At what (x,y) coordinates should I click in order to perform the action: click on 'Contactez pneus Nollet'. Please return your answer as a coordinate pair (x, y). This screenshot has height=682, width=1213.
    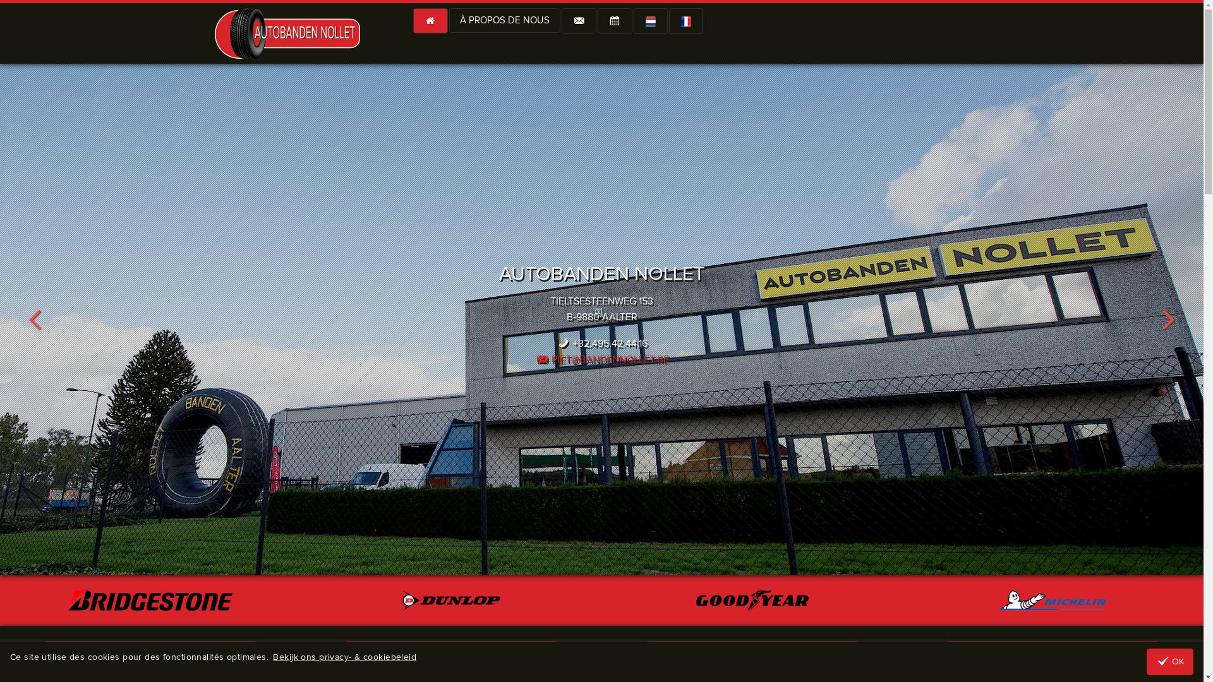
    Looking at the image, I should click on (577, 21).